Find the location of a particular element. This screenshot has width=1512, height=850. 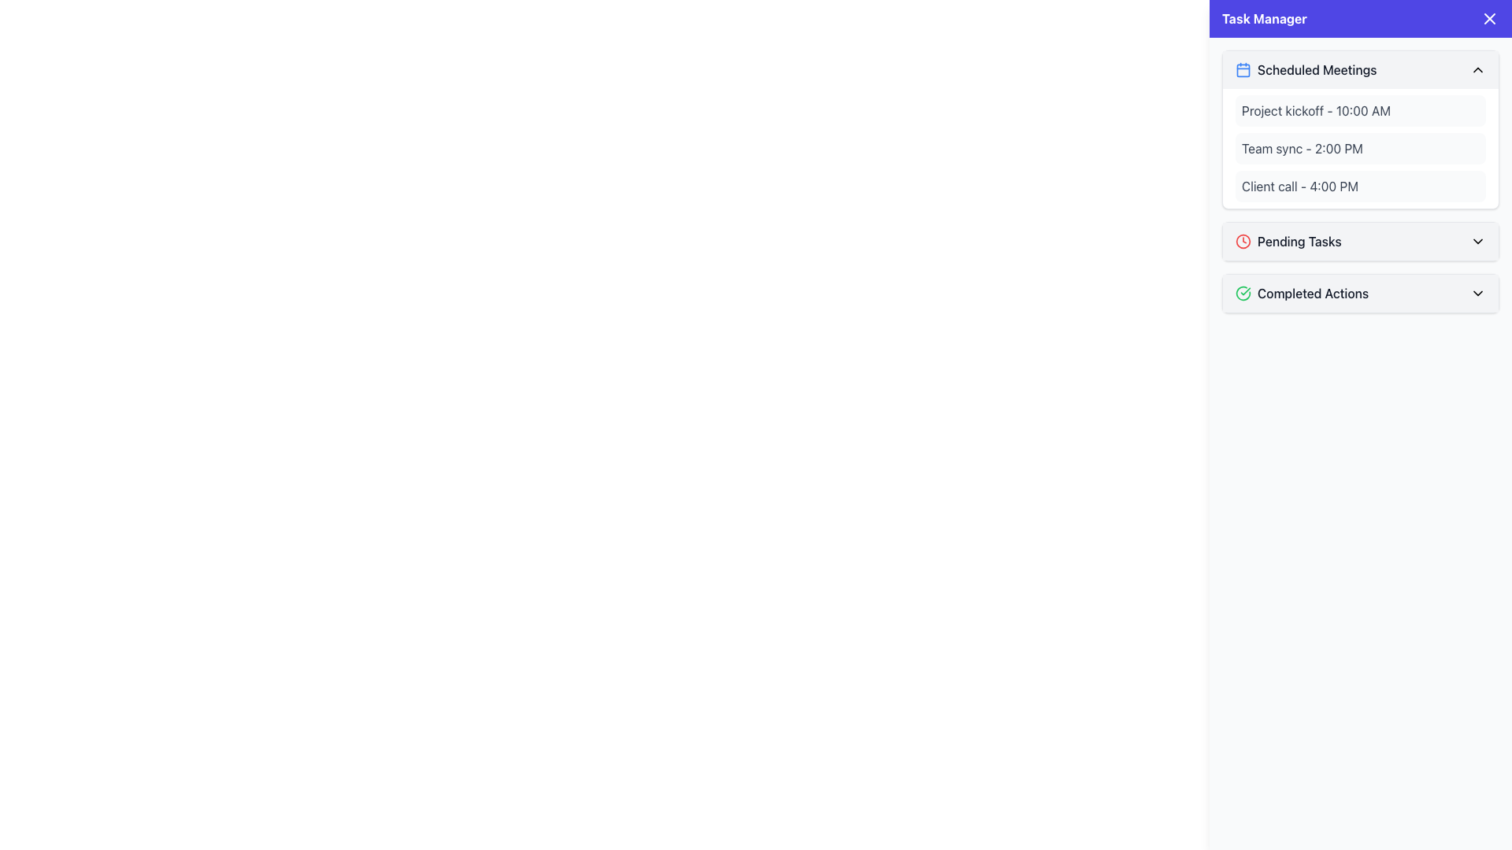

the second item in the schedule list that shows the 'Team sync' event, located between 'Project kickoff - 10:00 AM' and 'Client call - 4:00 PM' is located at coordinates (1360, 149).